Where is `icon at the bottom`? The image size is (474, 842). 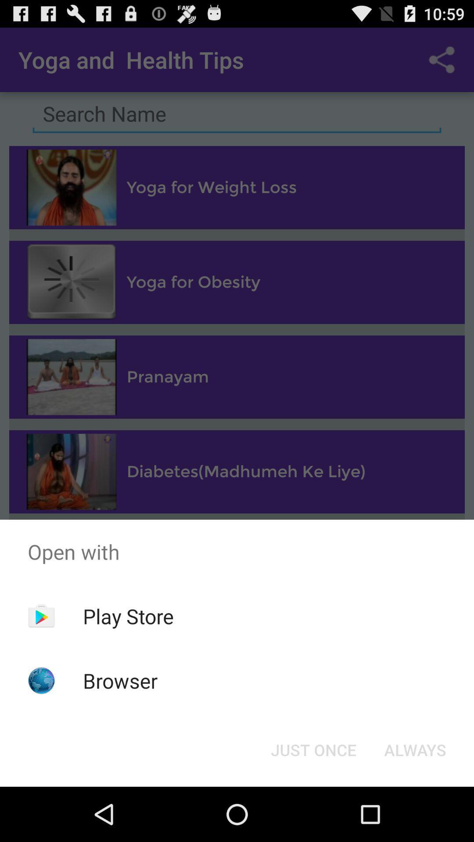 icon at the bottom is located at coordinates (313, 749).